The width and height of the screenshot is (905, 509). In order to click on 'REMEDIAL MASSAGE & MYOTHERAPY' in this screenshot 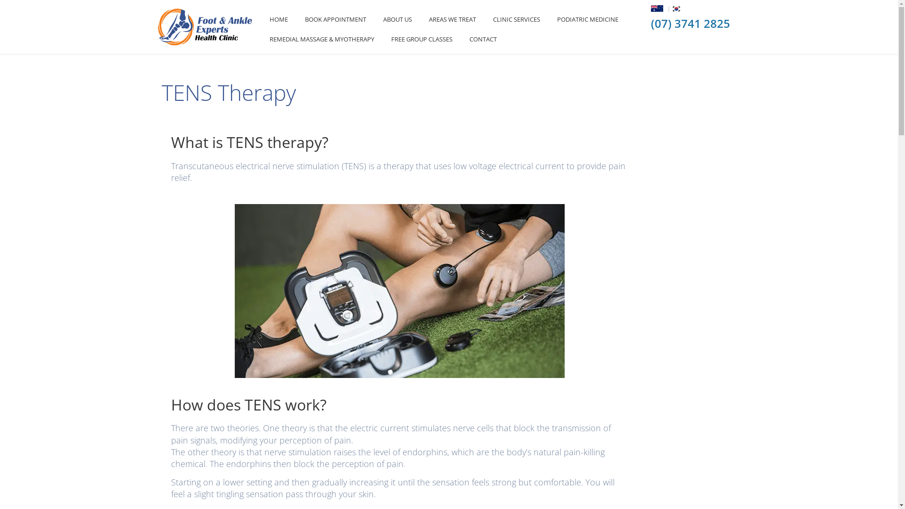, I will do `click(321, 39)`.